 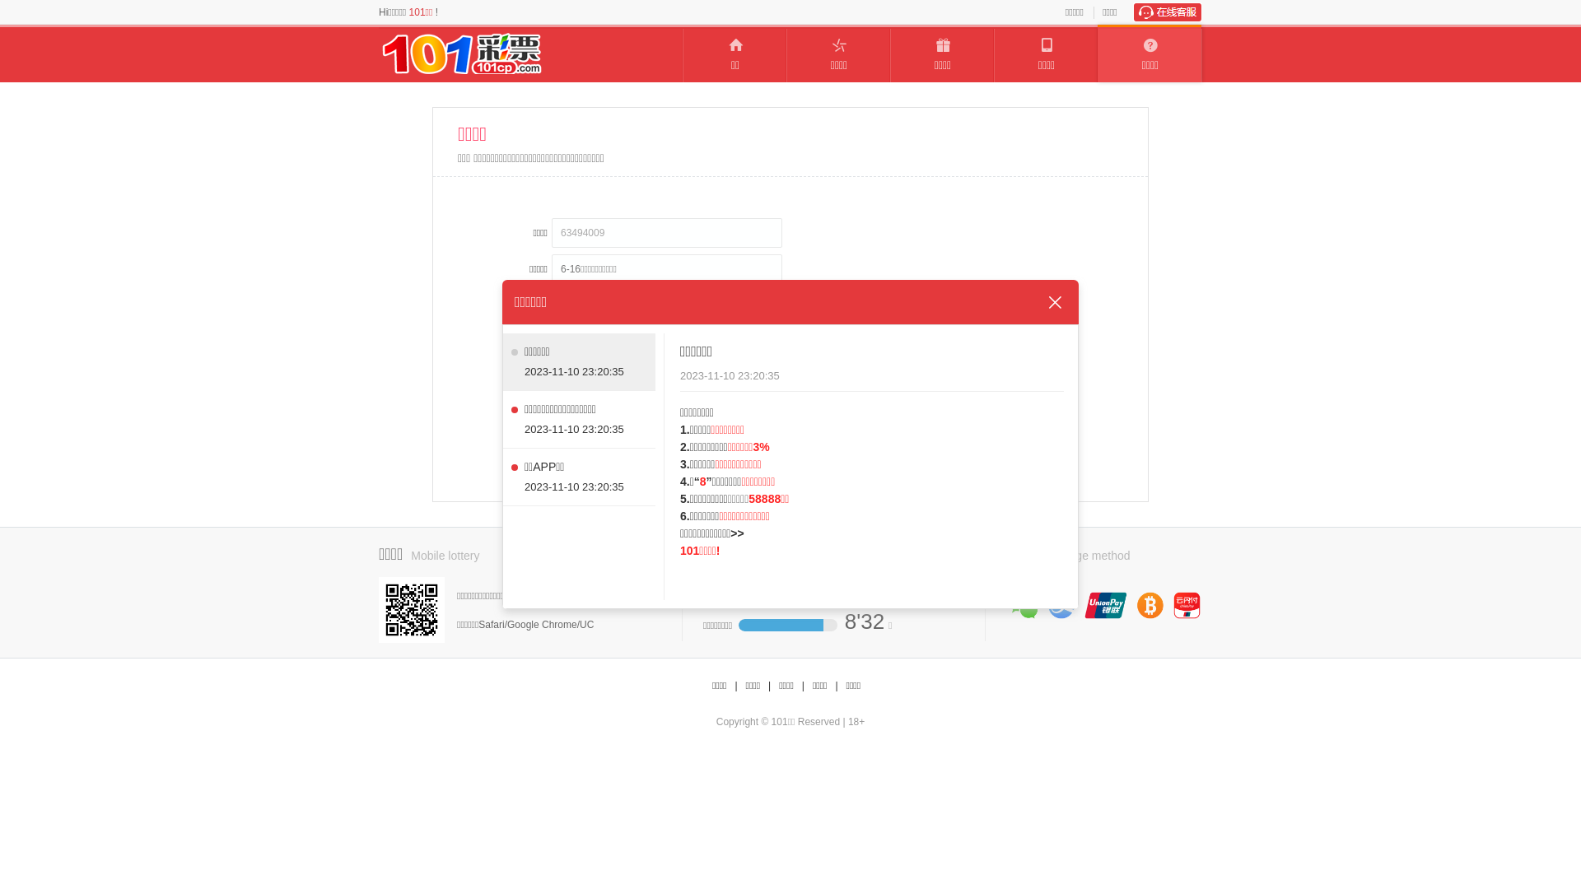 I want to click on '|', so click(x=767, y=686).